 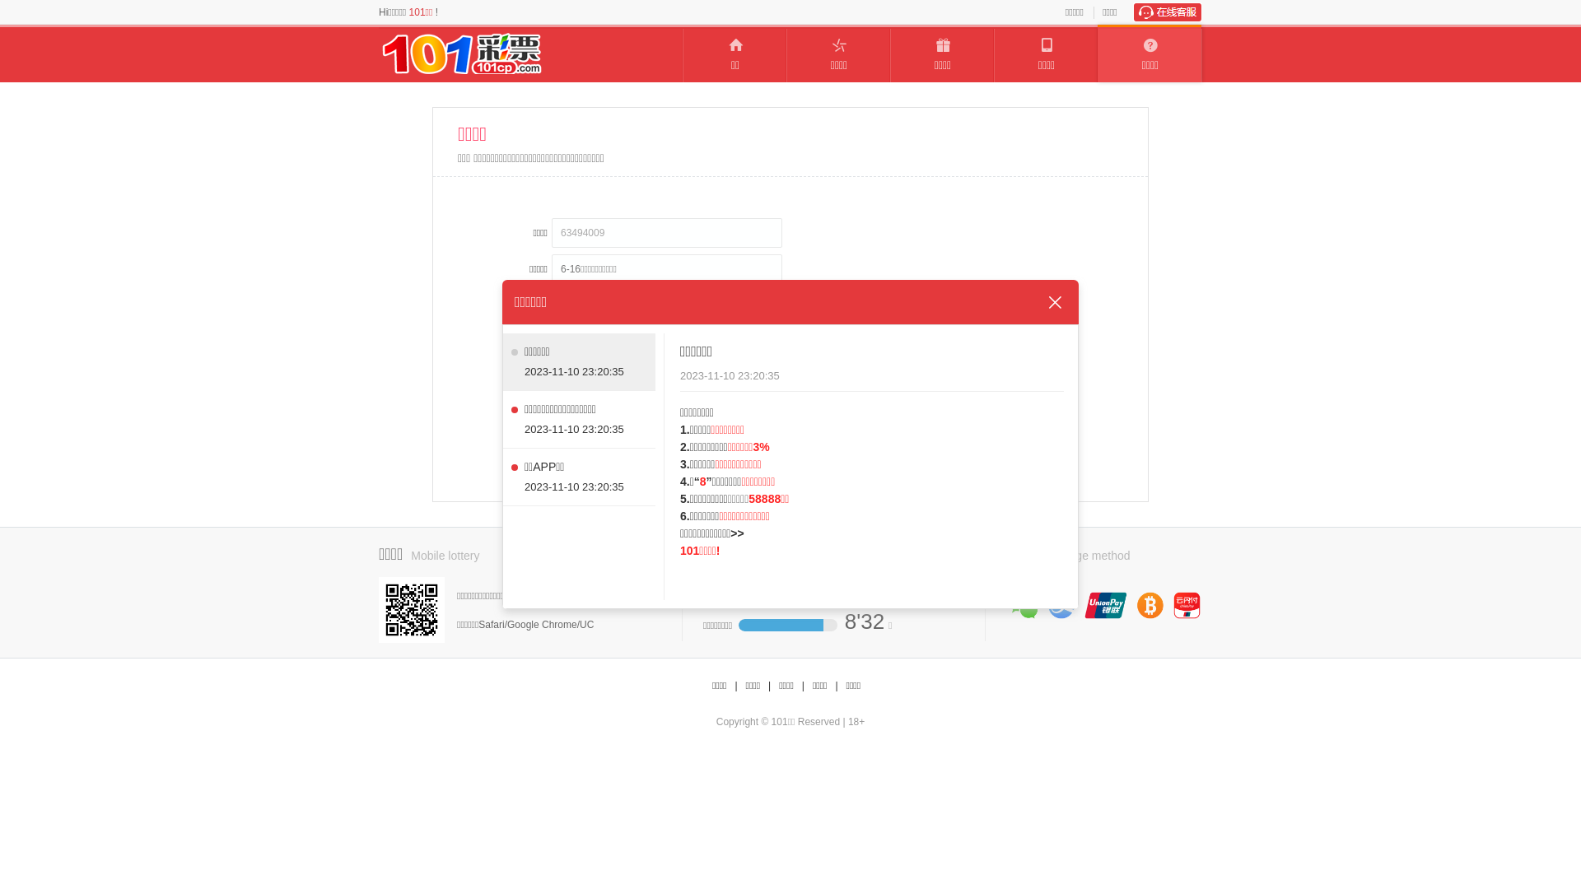 I want to click on '|', so click(x=767, y=686).